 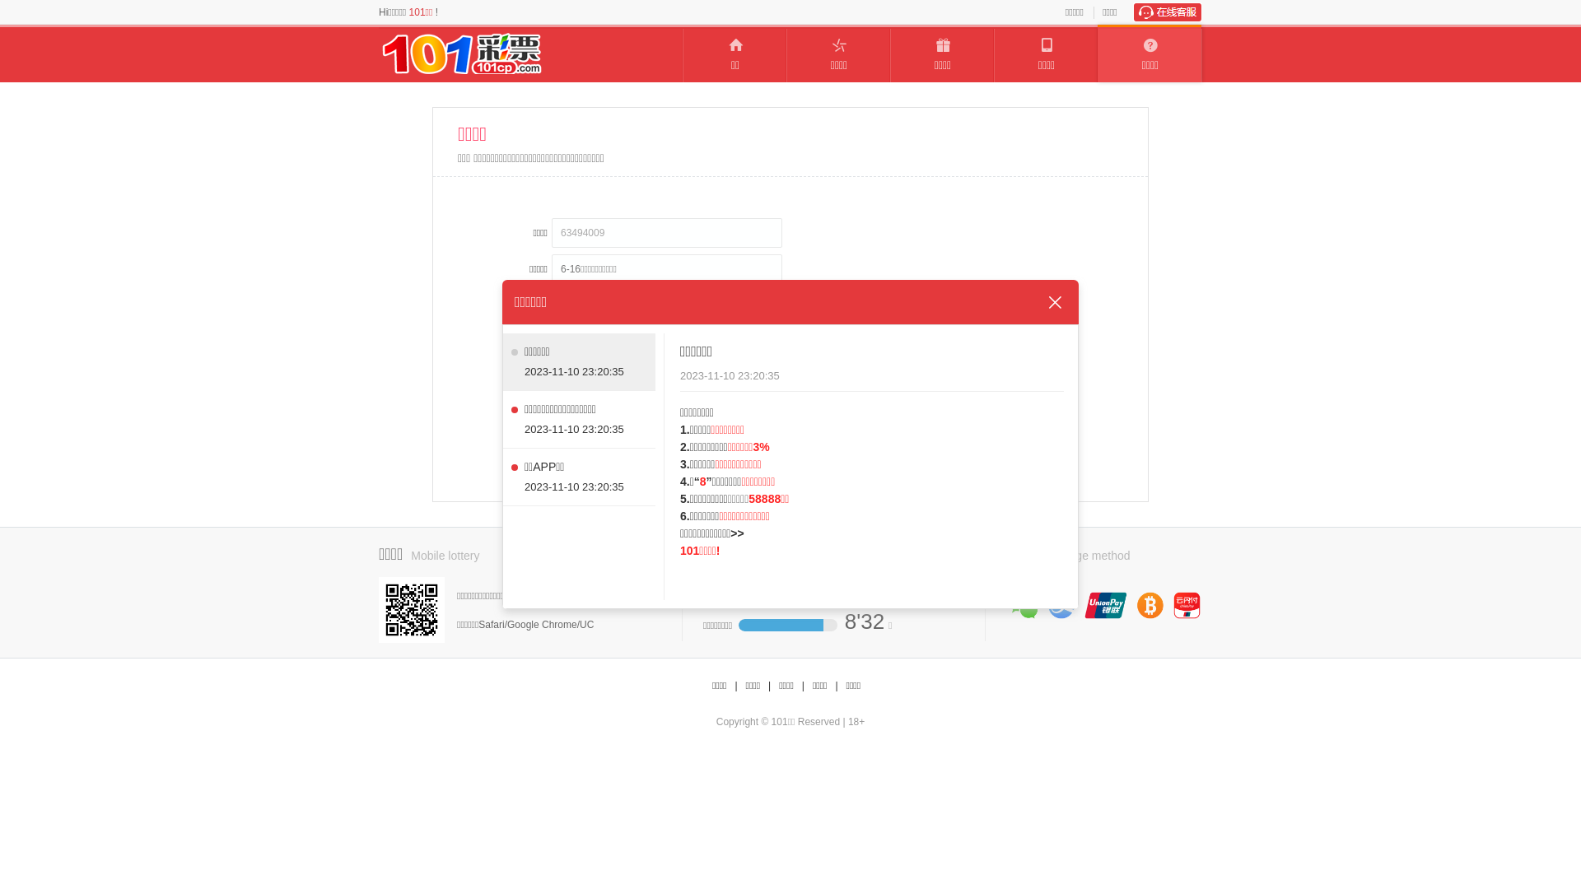 I want to click on '|', so click(x=767, y=686).